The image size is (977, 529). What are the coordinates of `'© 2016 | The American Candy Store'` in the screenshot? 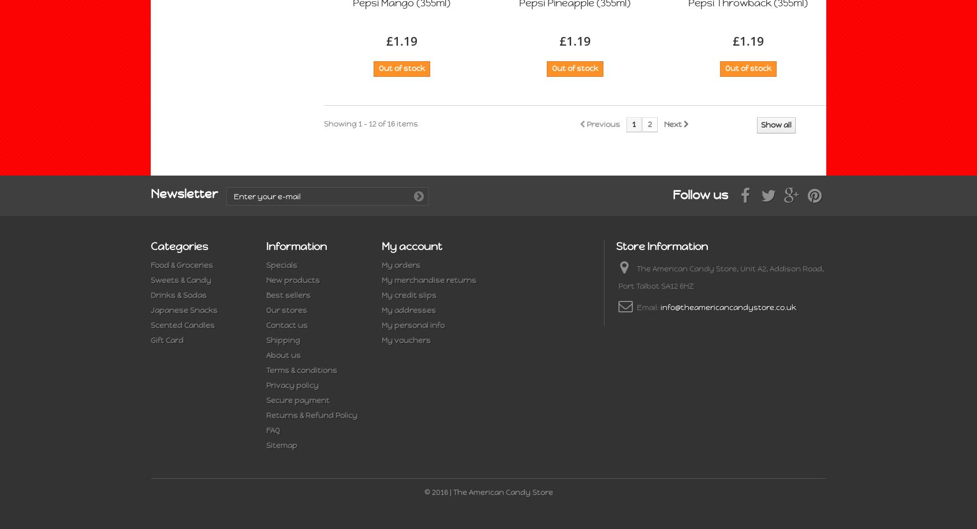 It's located at (488, 492).